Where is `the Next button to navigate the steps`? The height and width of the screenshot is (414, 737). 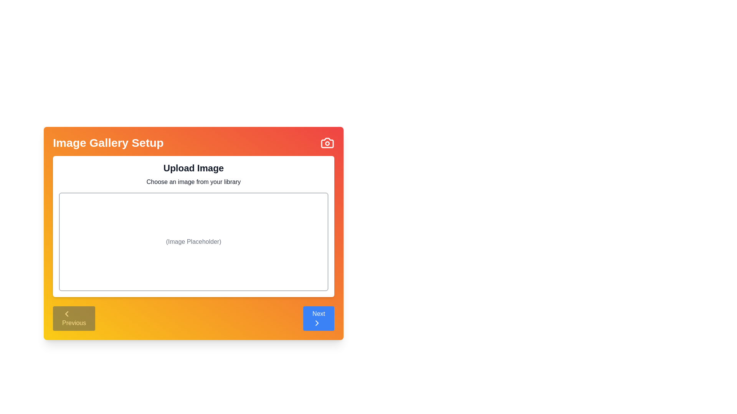
the Next button to navigate the steps is located at coordinates (319, 318).